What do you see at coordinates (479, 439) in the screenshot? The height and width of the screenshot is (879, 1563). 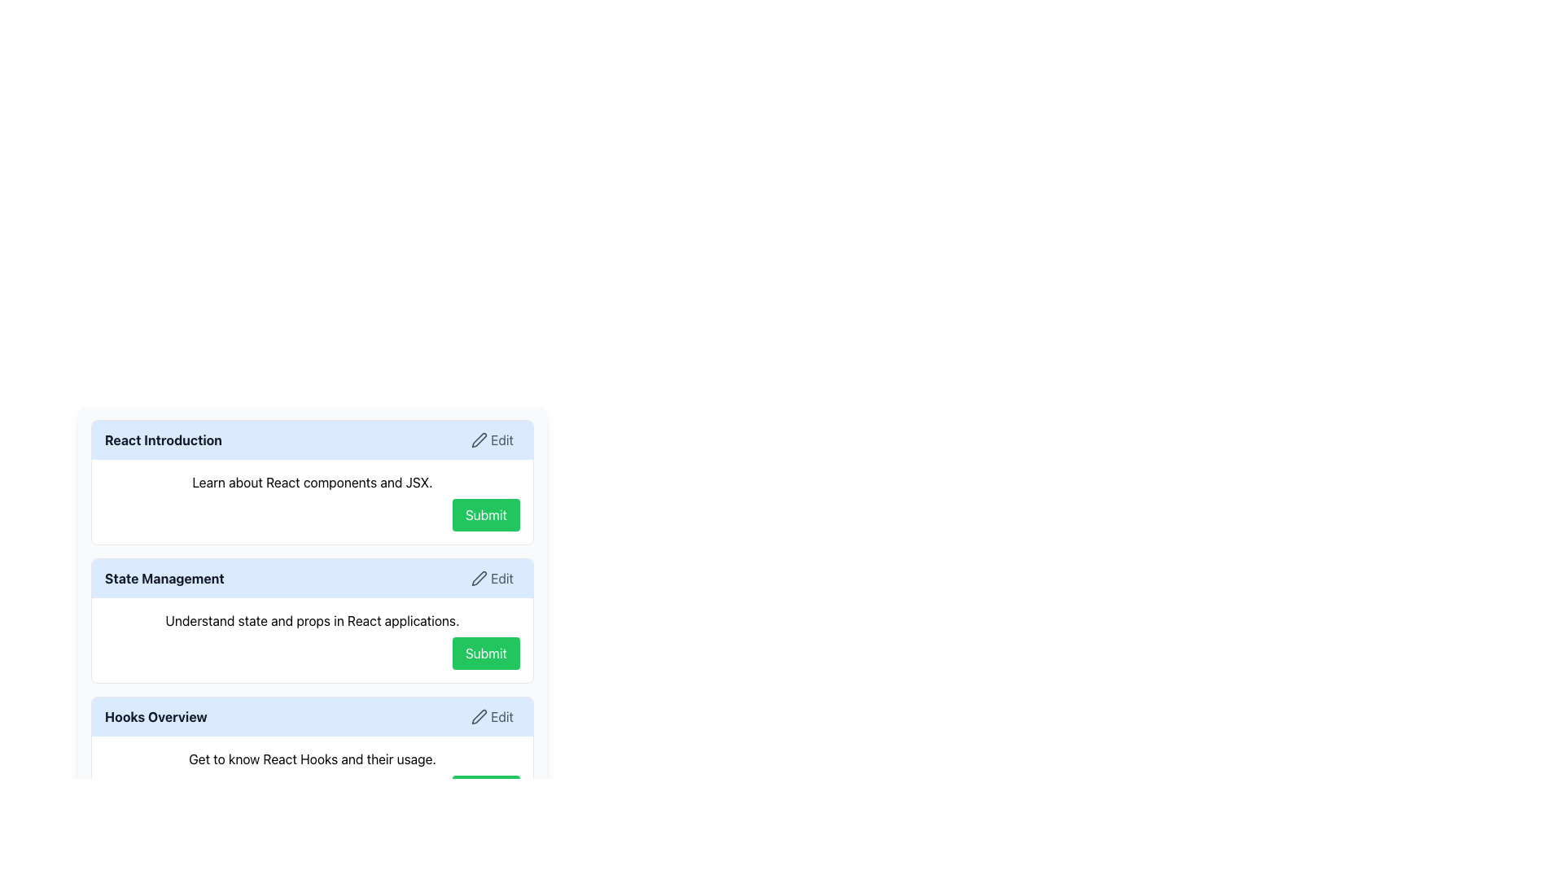 I see `the pen icon located in the header of the React Introduction card` at bounding box center [479, 439].